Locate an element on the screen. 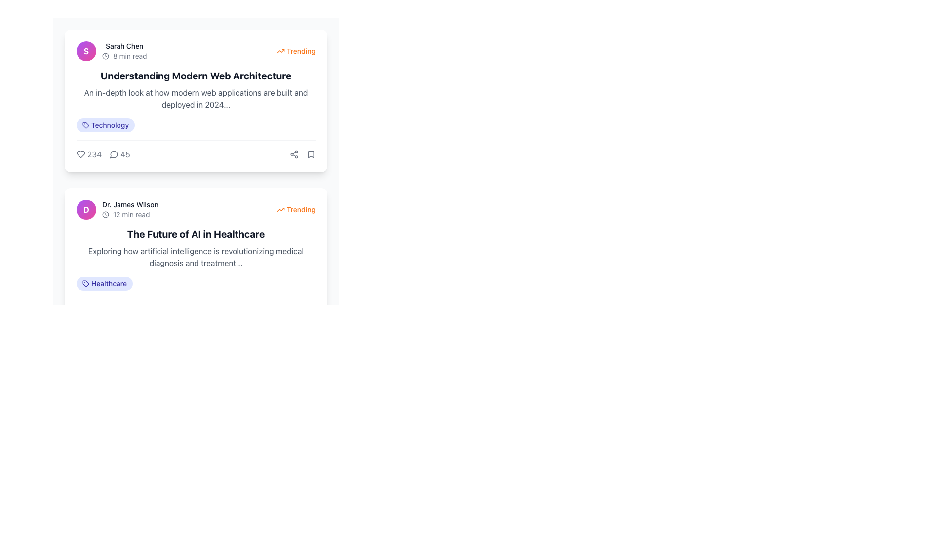  the 'Healthcare' tag label with an icon located at the bottom-left of the card is located at coordinates (104, 283).